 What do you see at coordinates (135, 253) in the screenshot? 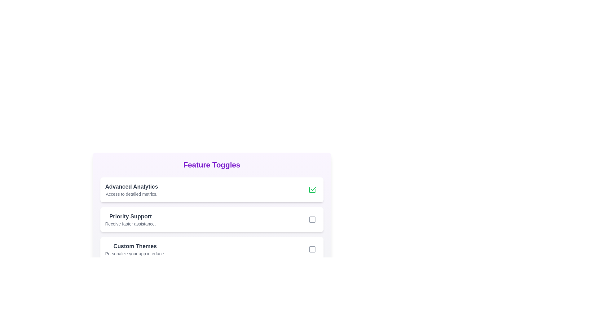
I see `the second text row providing additional information about the 'Custom Themes' feature located beneath the 'Custom Themes' heading` at bounding box center [135, 253].